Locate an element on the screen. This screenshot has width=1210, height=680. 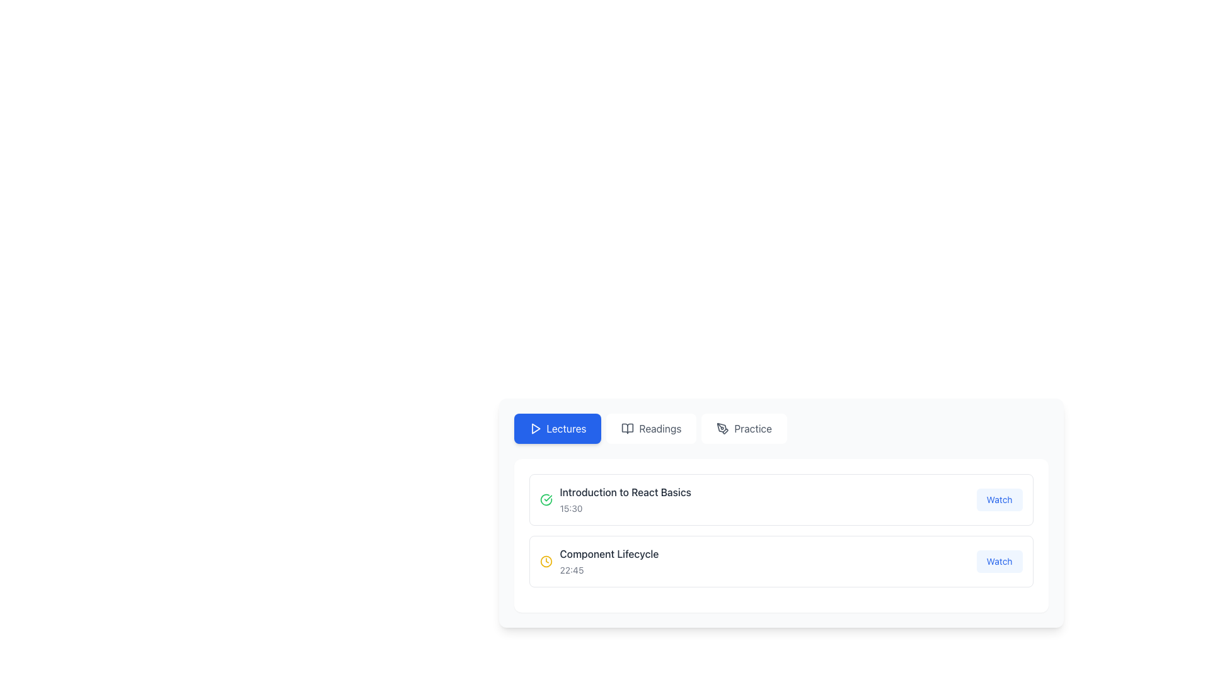
the details of the clock icon located in the second row under the 'Component Lifecycle' text, which represents the time or duration associated with this entry is located at coordinates (546, 560).